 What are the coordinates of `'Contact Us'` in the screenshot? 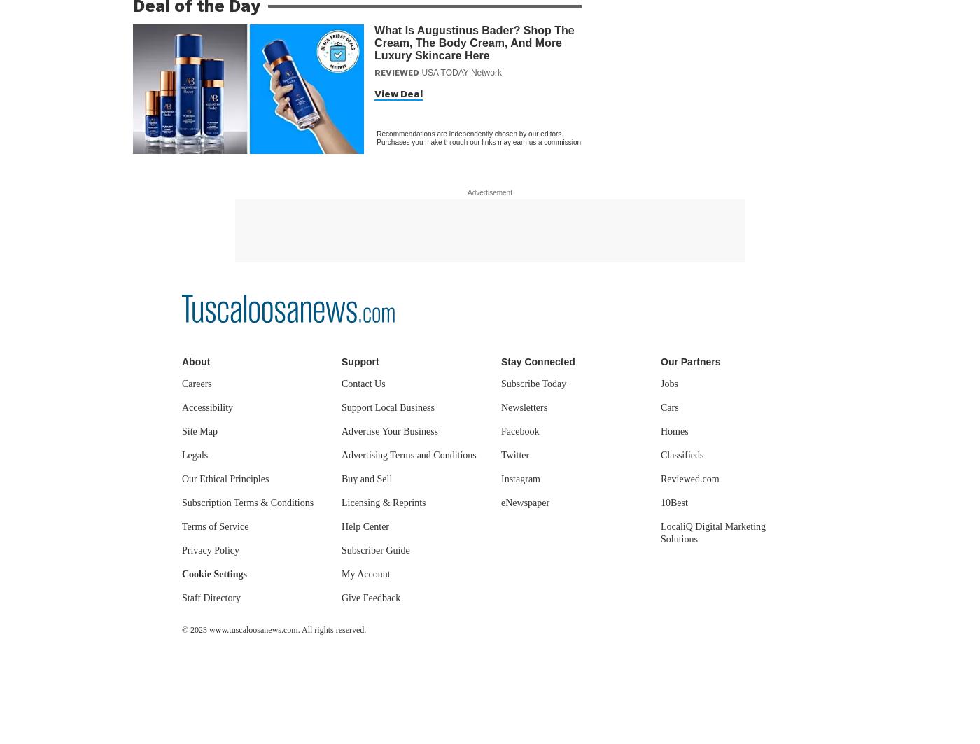 It's located at (363, 383).